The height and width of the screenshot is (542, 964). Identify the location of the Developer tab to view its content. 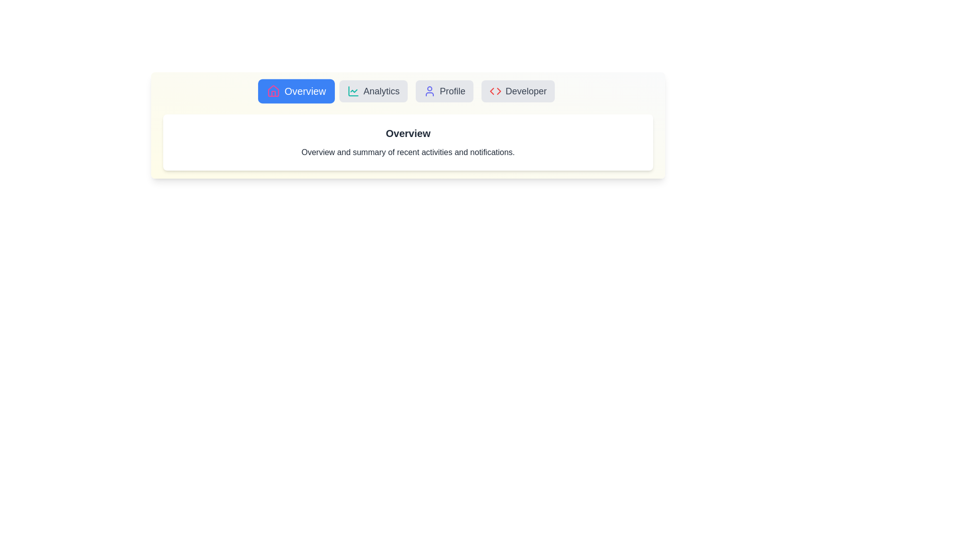
(518, 91).